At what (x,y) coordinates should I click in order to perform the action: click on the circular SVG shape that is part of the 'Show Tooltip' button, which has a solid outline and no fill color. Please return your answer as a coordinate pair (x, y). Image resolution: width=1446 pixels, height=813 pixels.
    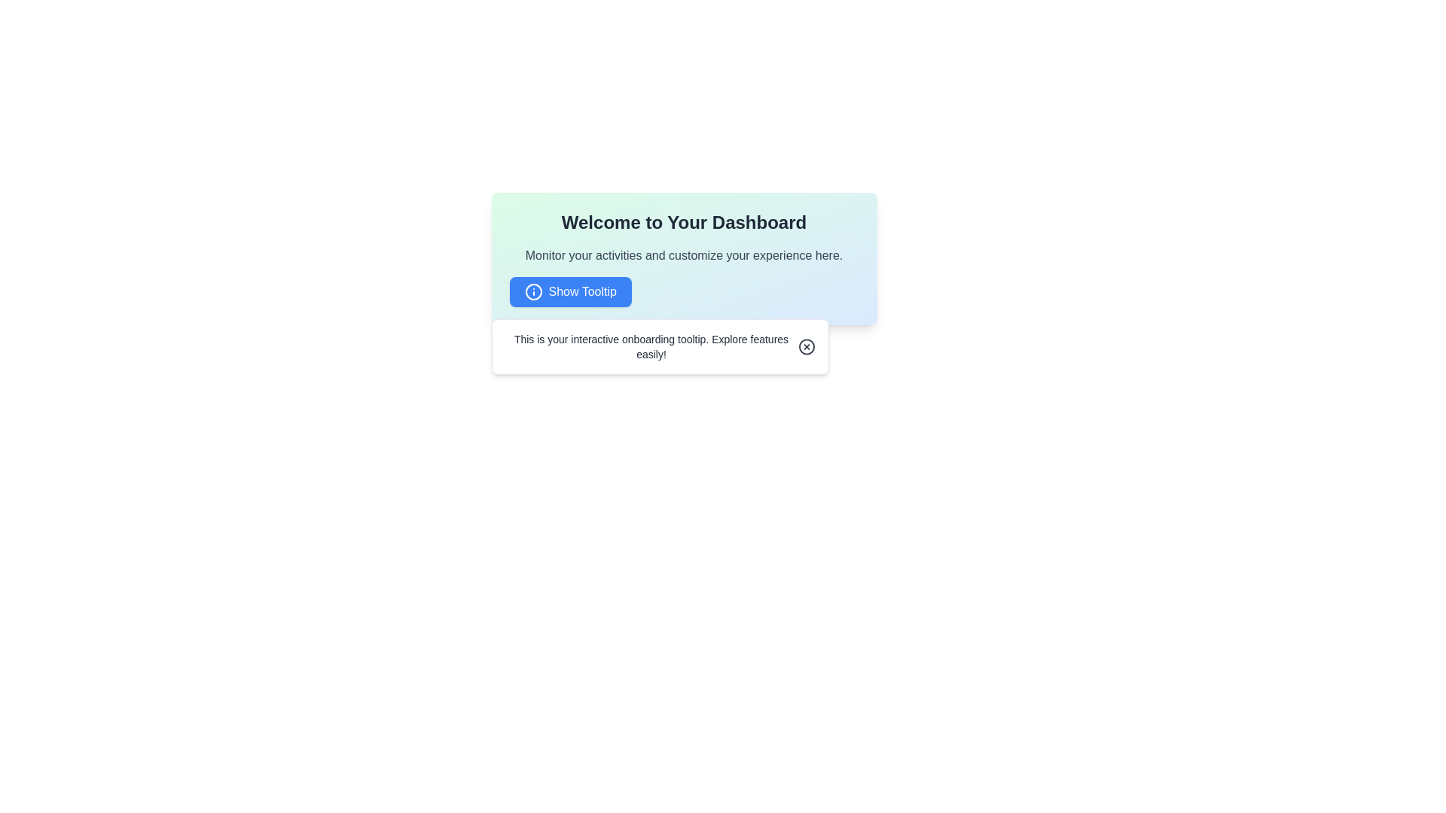
    Looking at the image, I should click on (533, 292).